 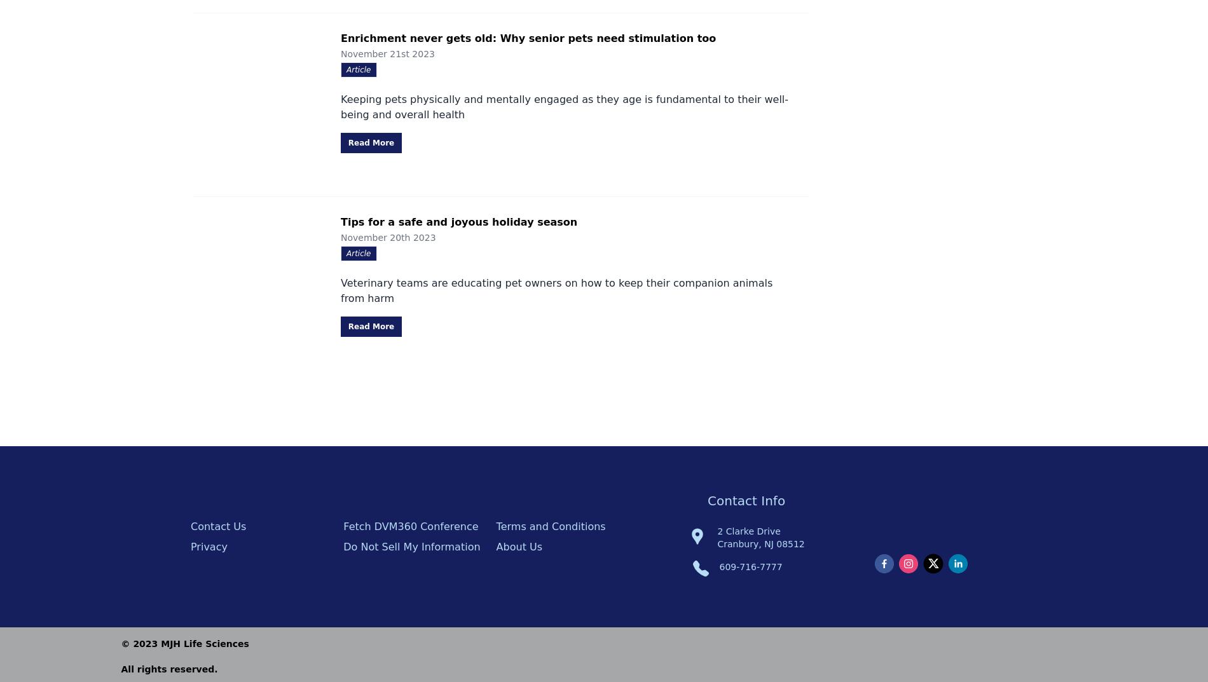 What do you see at coordinates (387, 53) in the screenshot?
I see `'November 21st 2023'` at bounding box center [387, 53].